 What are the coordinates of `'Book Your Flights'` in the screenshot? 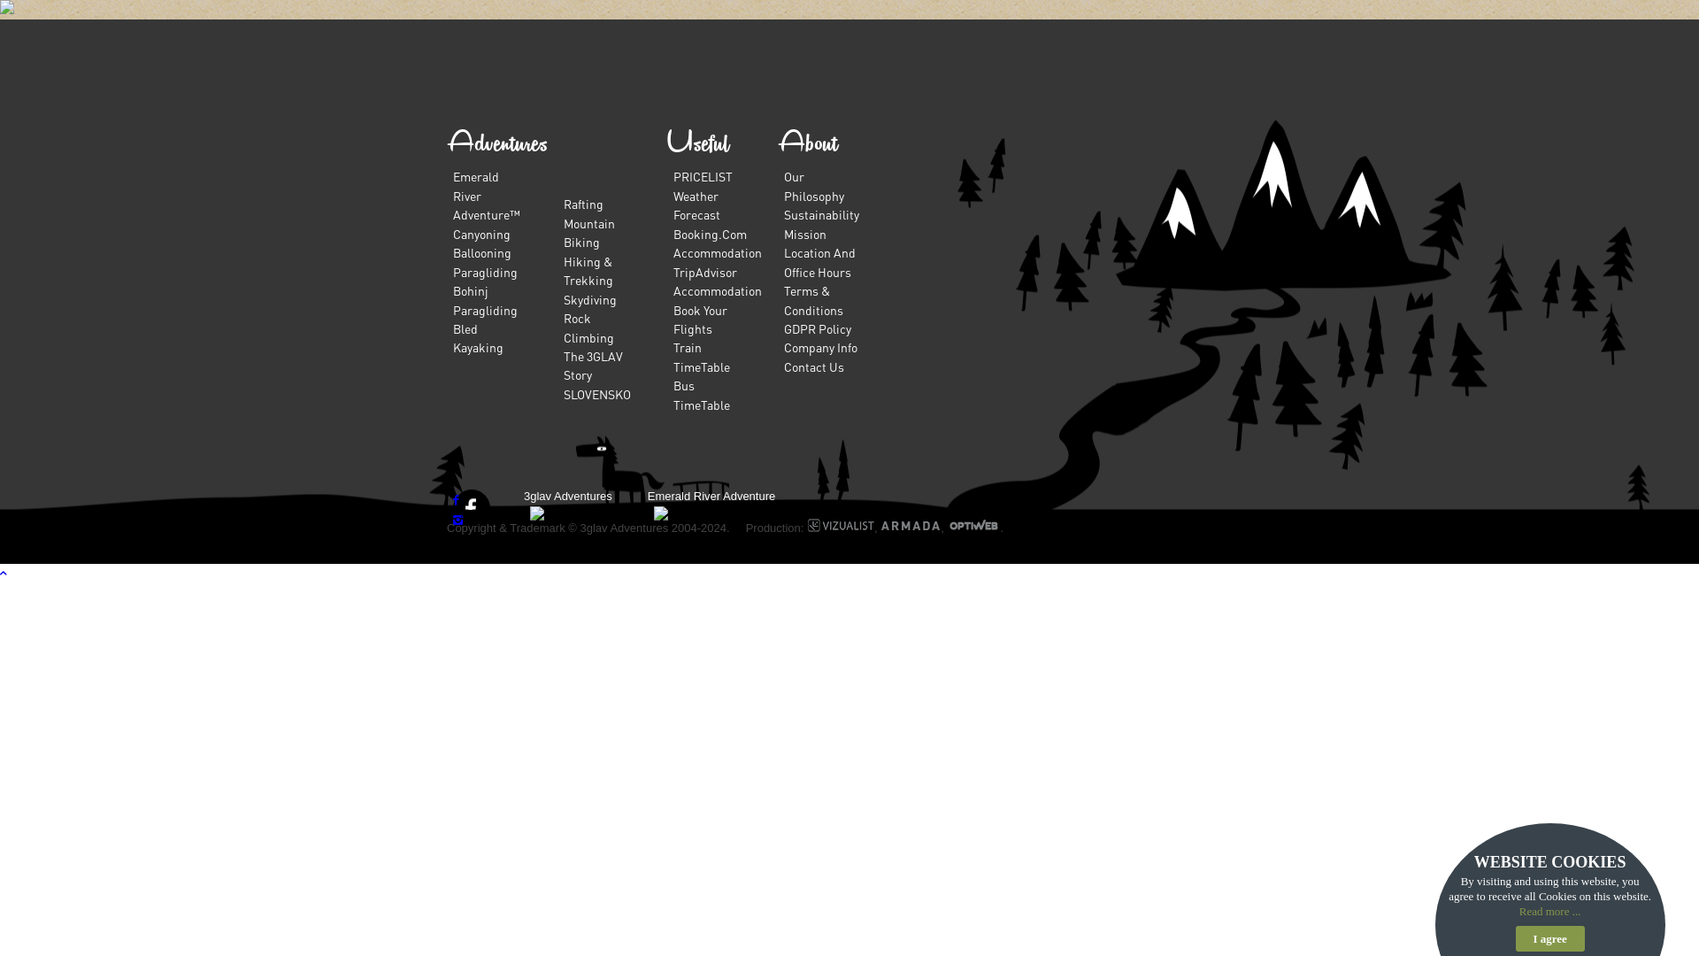 It's located at (699, 317).